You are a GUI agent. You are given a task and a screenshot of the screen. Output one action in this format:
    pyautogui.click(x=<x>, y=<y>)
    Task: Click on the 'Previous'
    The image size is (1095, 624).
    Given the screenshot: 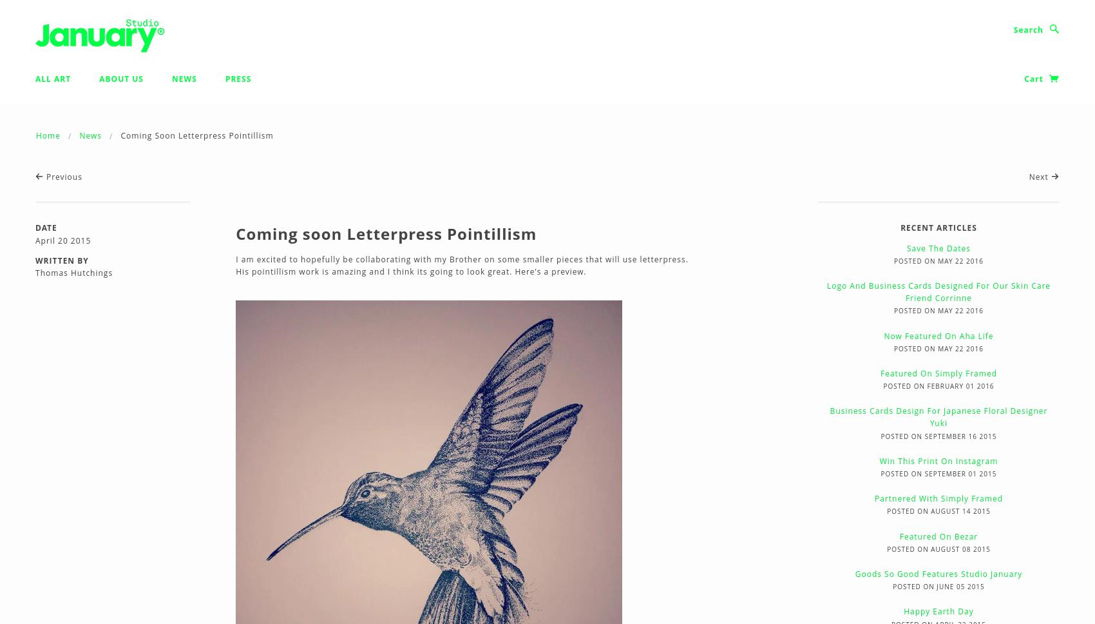 What is the action you would take?
    pyautogui.click(x=62, y=177)
    